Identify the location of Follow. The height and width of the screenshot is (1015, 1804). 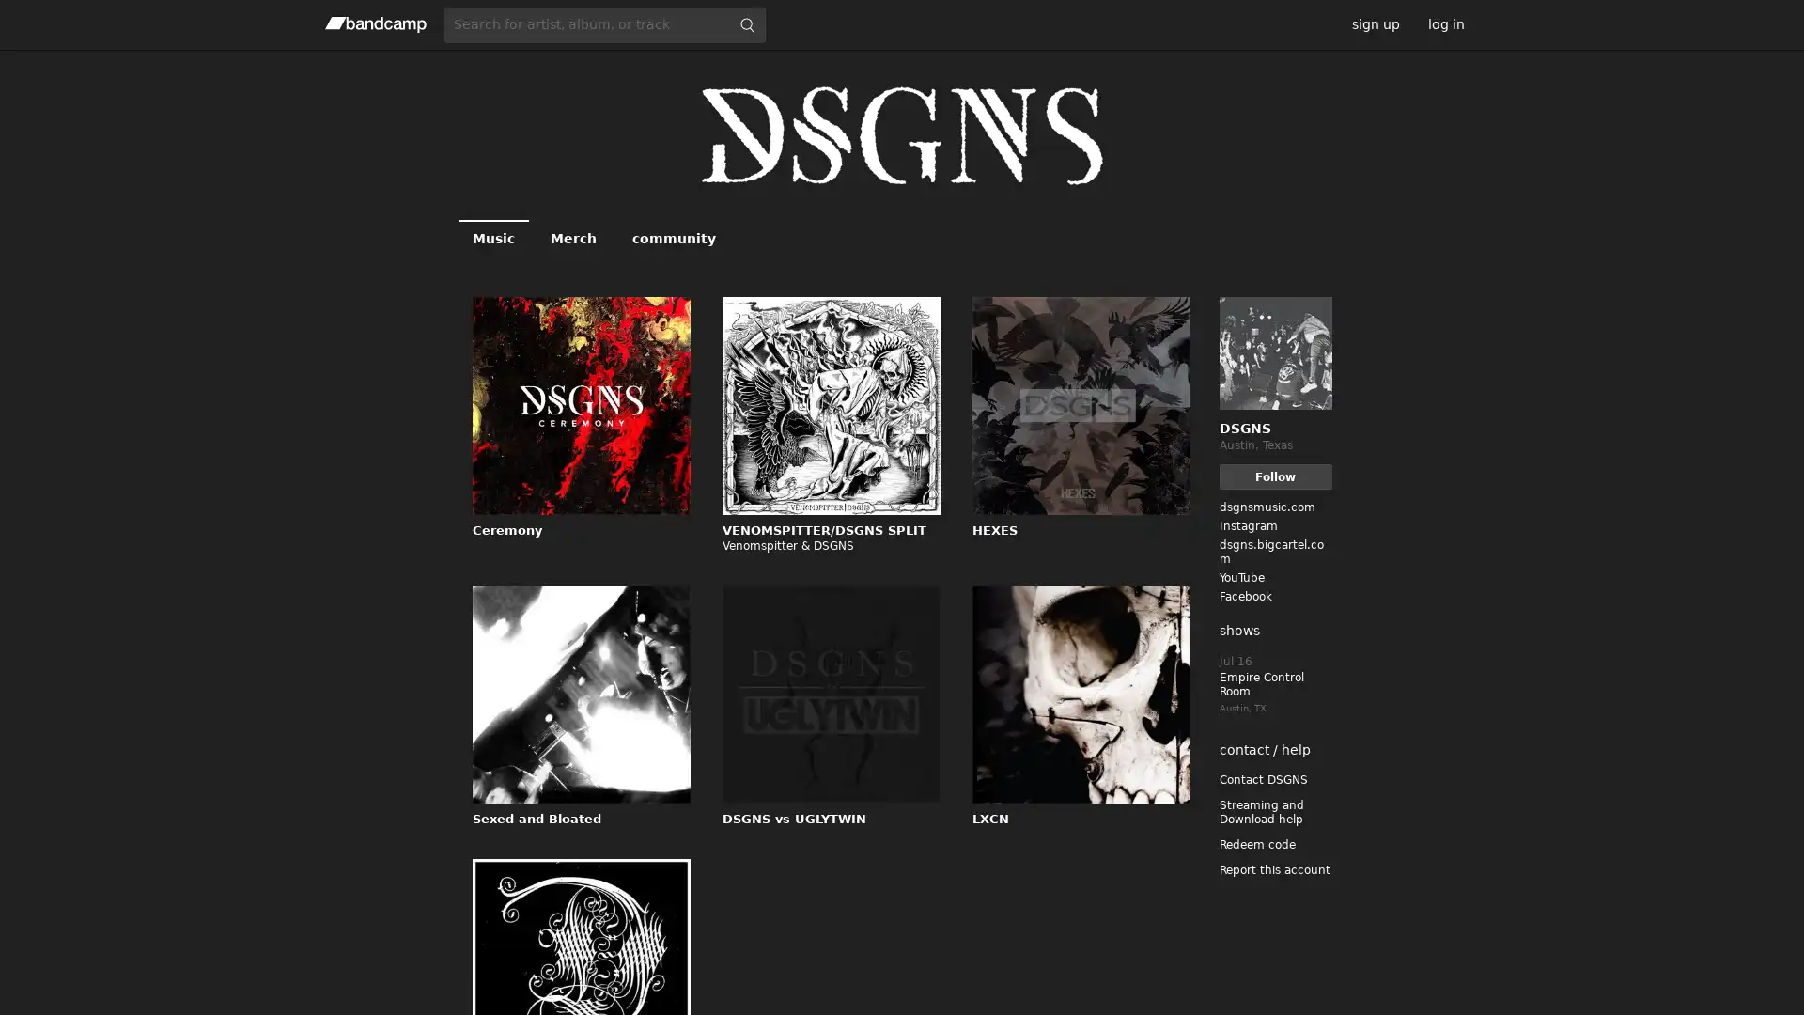
(1275, 476).